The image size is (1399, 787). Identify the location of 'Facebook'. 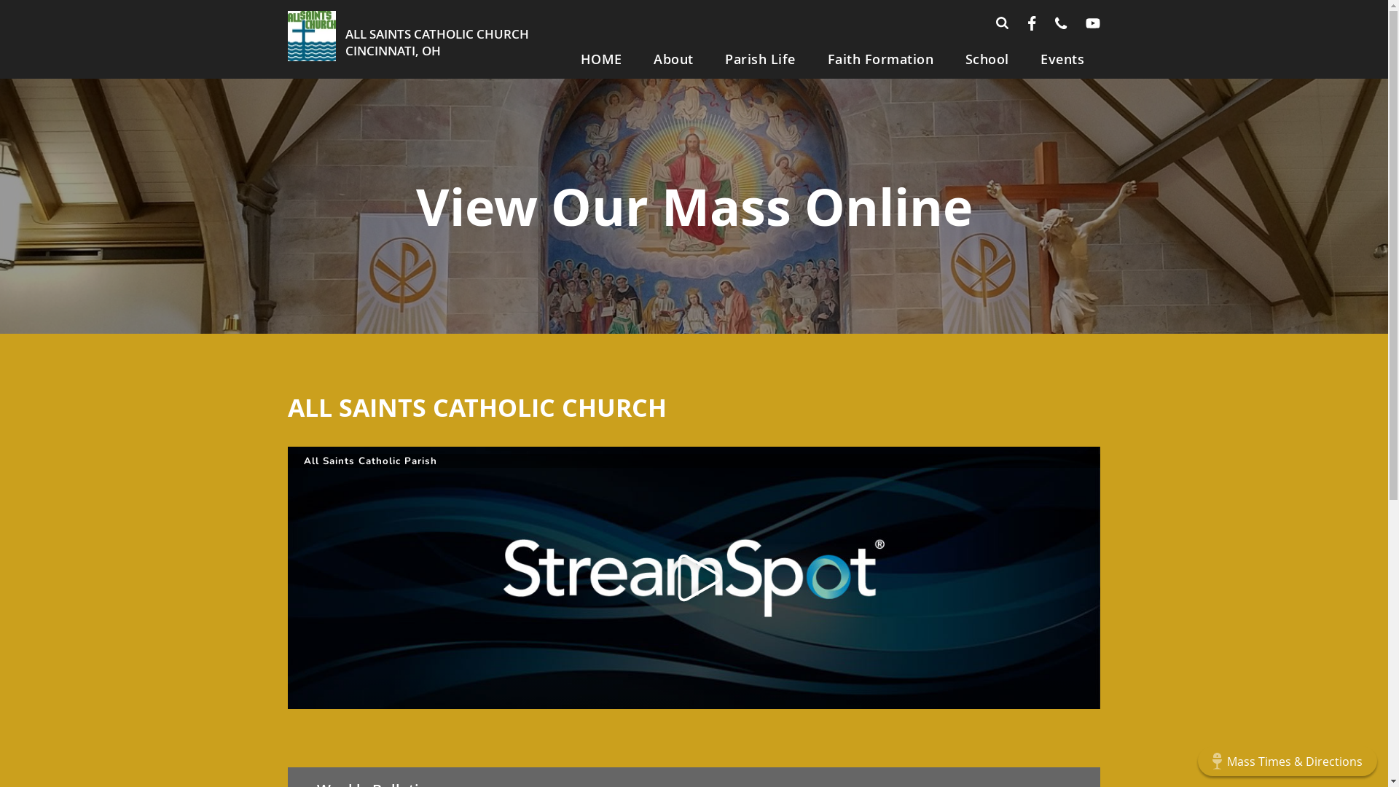
(1031, 23).